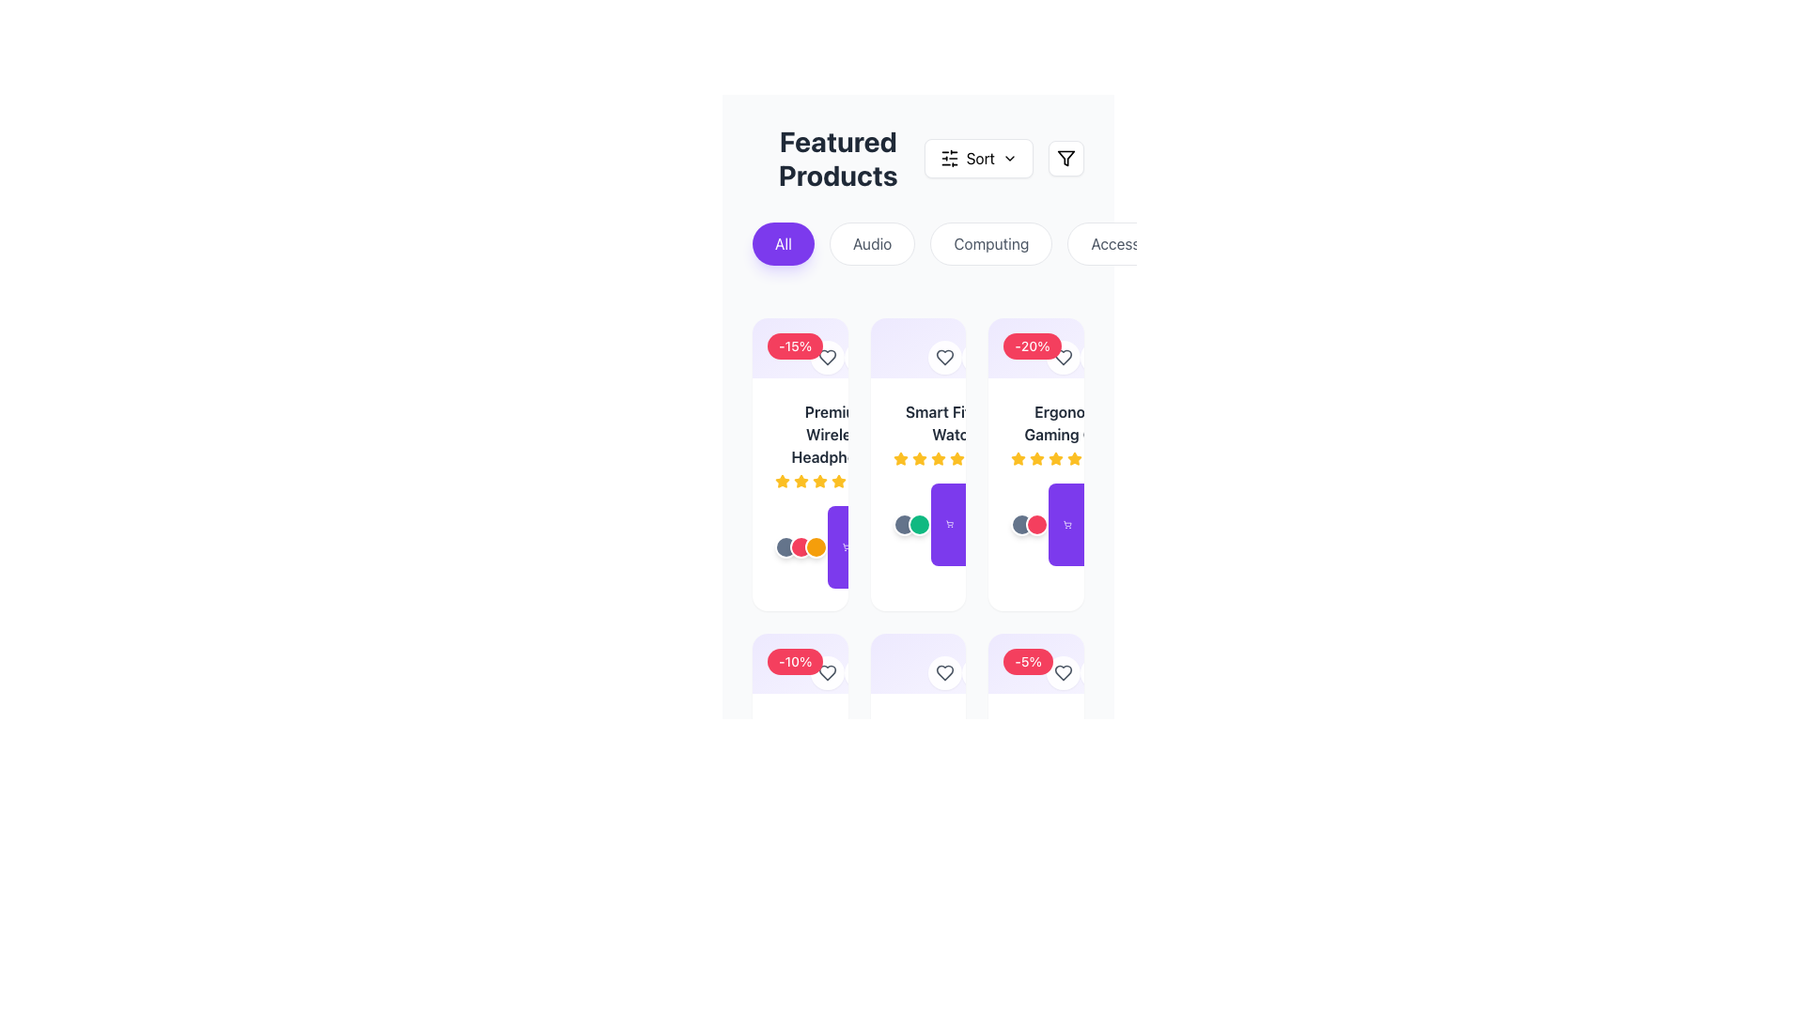  I want to click on the promotional badge displaying '-20%' in white text inside a red oblong shape located at the top-left corner of the third product card for the 'Ergonomic Gaming Chair', so click(1035, 347).